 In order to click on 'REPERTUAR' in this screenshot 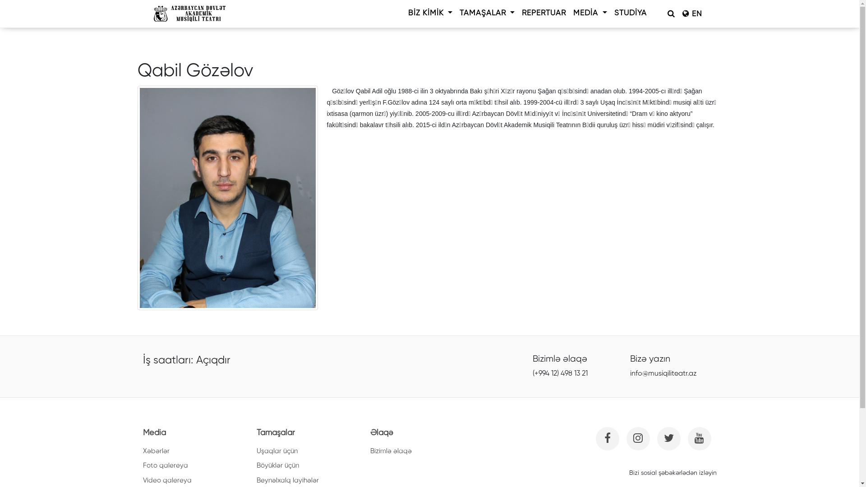, I will do `click(543, 13)`.